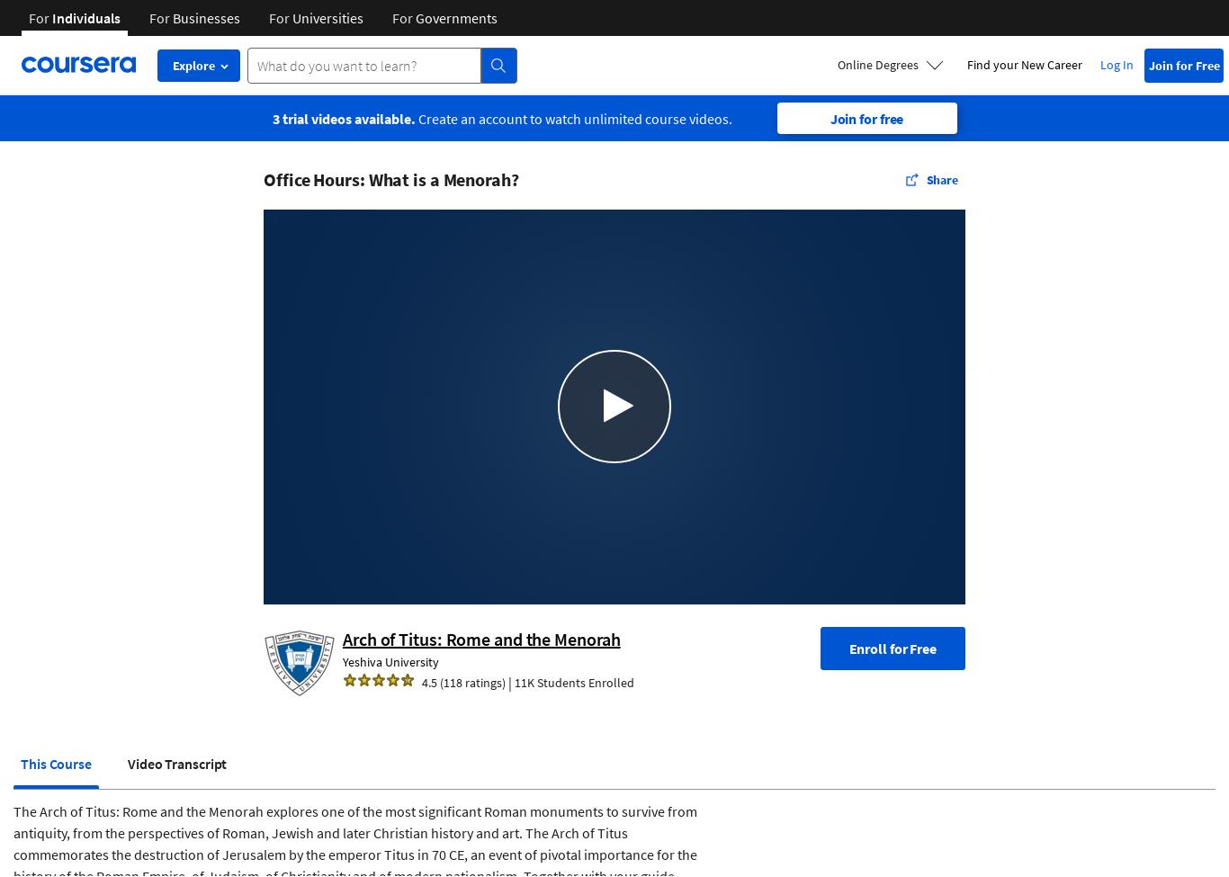 Image resolution: width=1229 pixels, height=877 pixels. Describe the element at coordinates (272, 117) in the screenshot. I see `'3 trial videos available.'` at that location.